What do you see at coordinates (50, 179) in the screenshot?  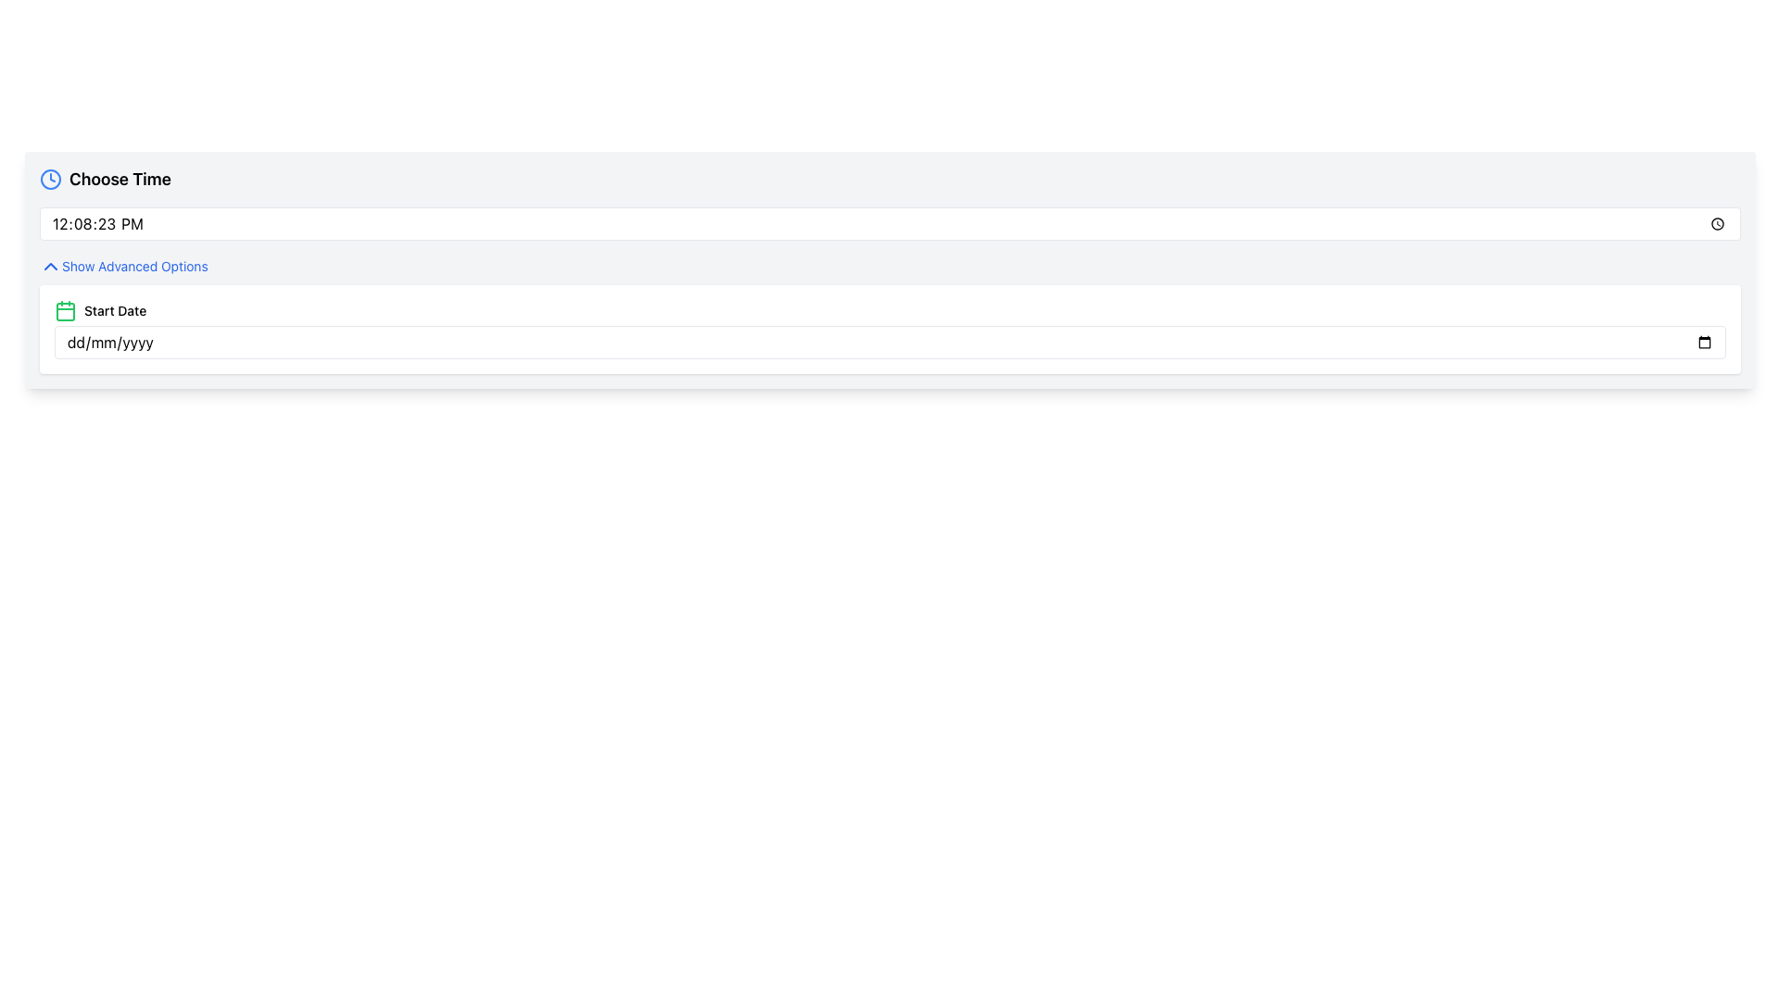 I see `the outer circular component of the clock icon located adjacent to the 'Choose Time' label` at bounding box center [50, 179].